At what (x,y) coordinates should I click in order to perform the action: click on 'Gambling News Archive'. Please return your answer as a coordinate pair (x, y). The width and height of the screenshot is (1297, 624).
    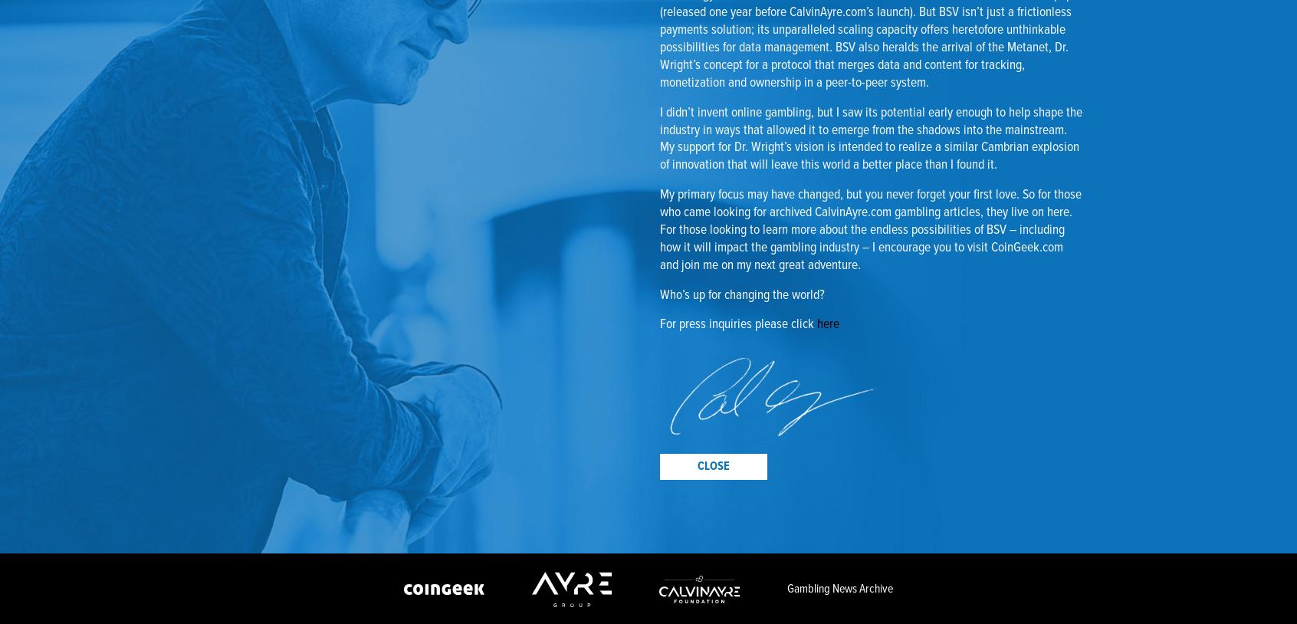
    Looking at the image, I should click on (840, 588).